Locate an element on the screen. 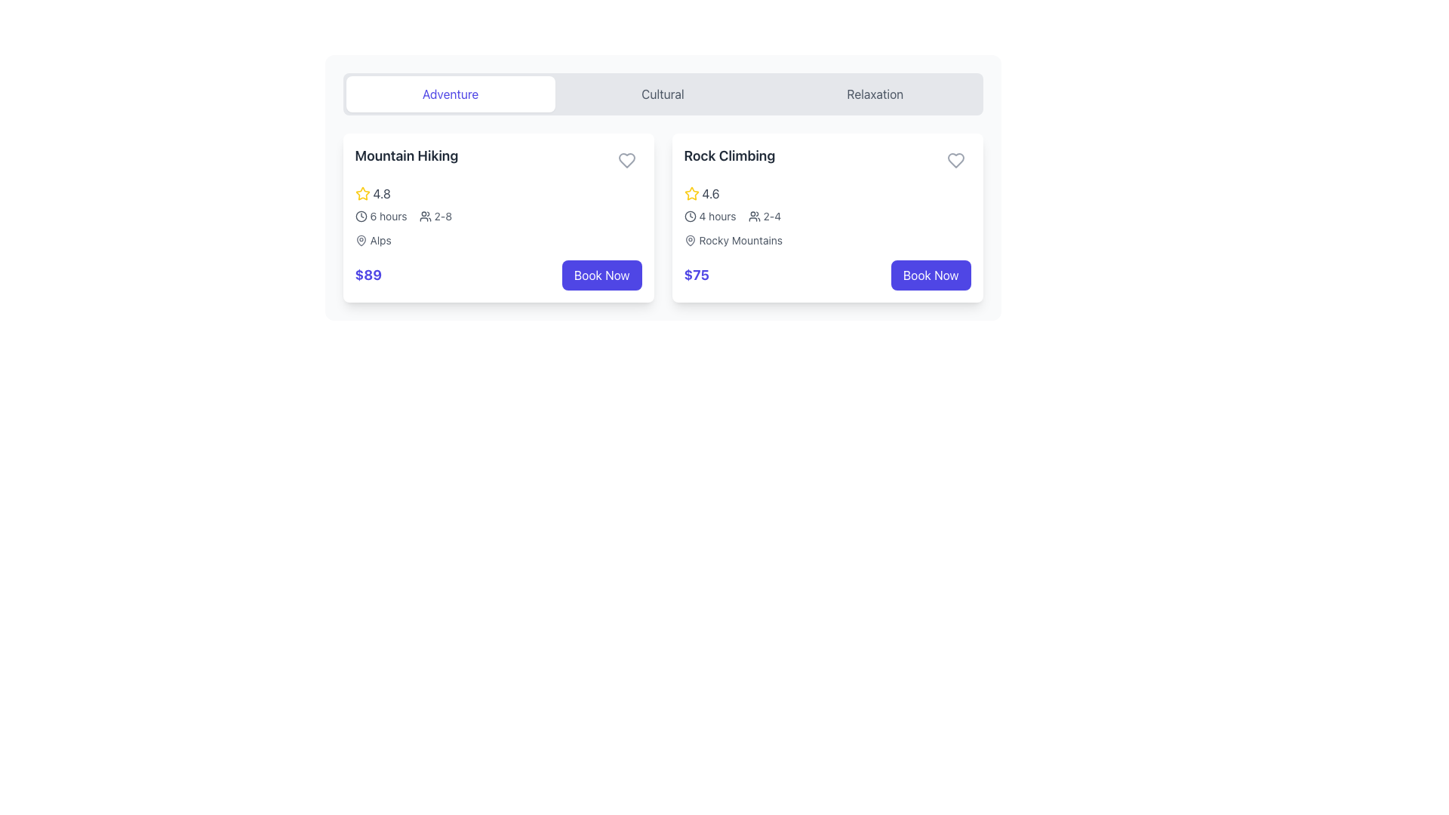 This screenshot has height=815, width=1449. the Text Label with Icon that indicates the duration of the Rock Climbing activity, located below the rating and above the group size indicator is located at coordinates (709, 216).